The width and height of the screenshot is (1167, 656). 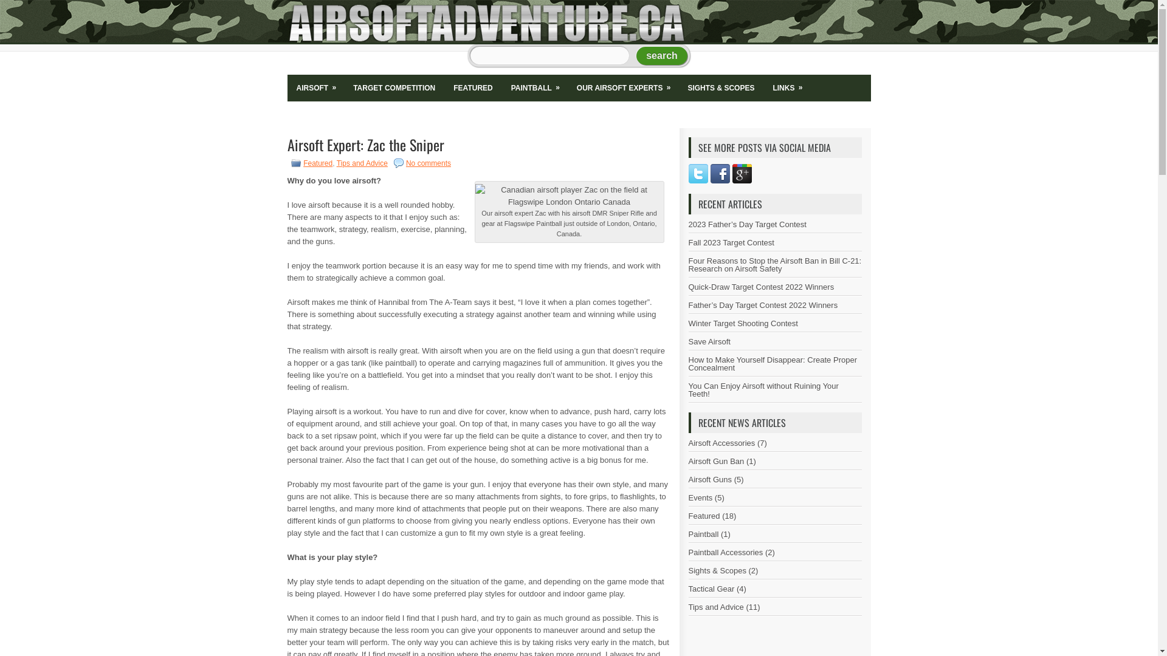 What do you see at coordinates (740, 173) in the screenshot?
I see `'Google Plus'` at bounding box center [740, 173].